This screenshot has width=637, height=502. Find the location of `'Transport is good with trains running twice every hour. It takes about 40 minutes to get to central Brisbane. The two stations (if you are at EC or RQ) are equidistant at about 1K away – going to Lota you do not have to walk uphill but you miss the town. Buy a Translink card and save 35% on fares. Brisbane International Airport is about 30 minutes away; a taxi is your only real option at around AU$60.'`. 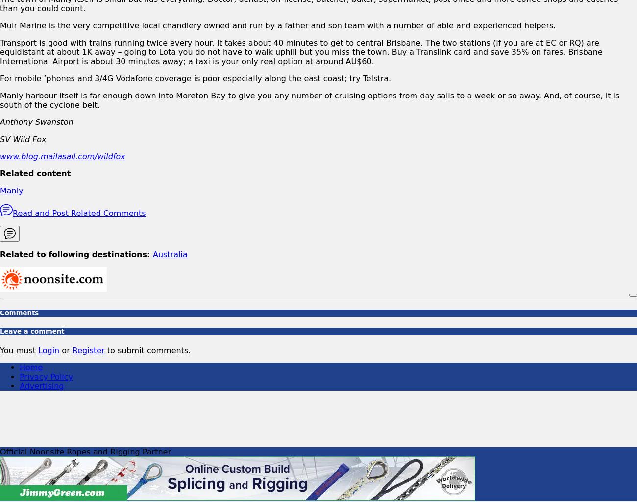

'Transport is good with trains running twice every hour. It takes about 40 minutes to get to central Brisbane. The two stations (if you are at EC or RQ) are equidistant at about 1K away – going to Lota you do not have to walk uphill but you miss the town. Buy a Translink card and save 35% on fares. Brisbane International Airport is about 30 minutes away; a taxi is your only real option at around AU$60.' is located at coordinates (301, 51).